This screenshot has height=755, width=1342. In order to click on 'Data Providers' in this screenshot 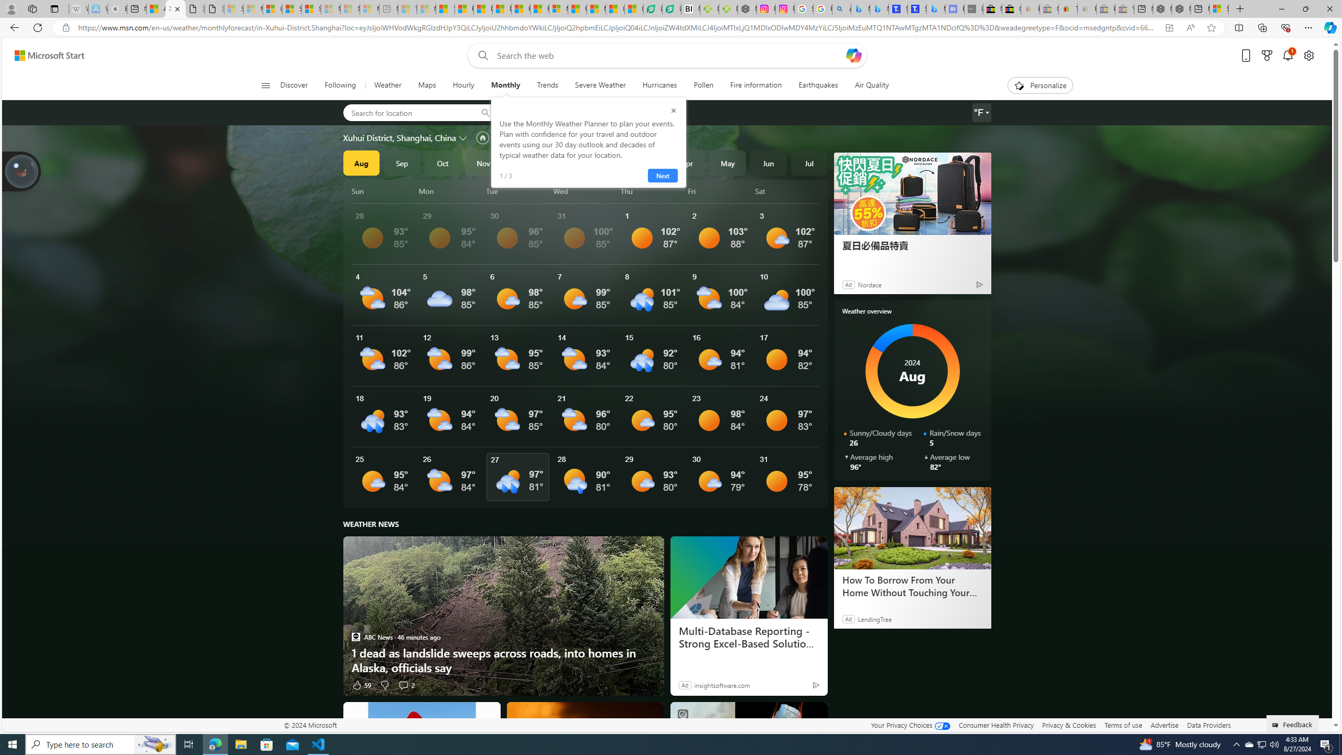, I will do `click(1208, 725)`.